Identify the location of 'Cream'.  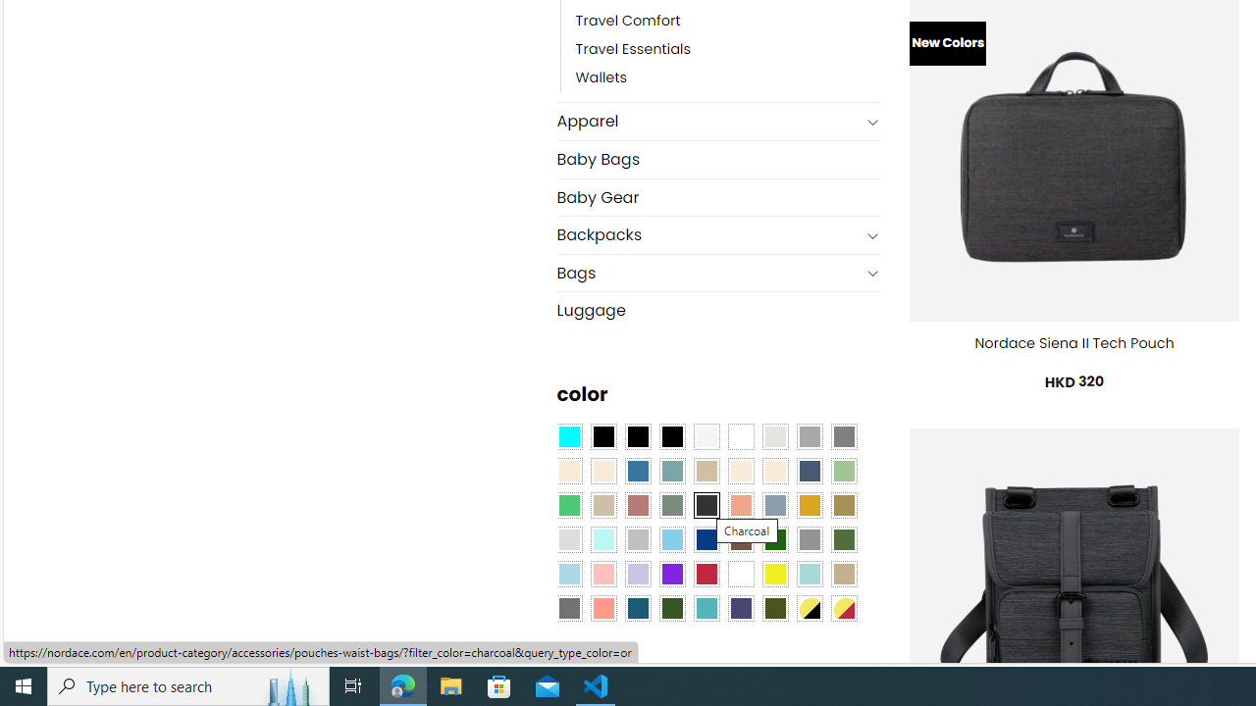
(773, 471).